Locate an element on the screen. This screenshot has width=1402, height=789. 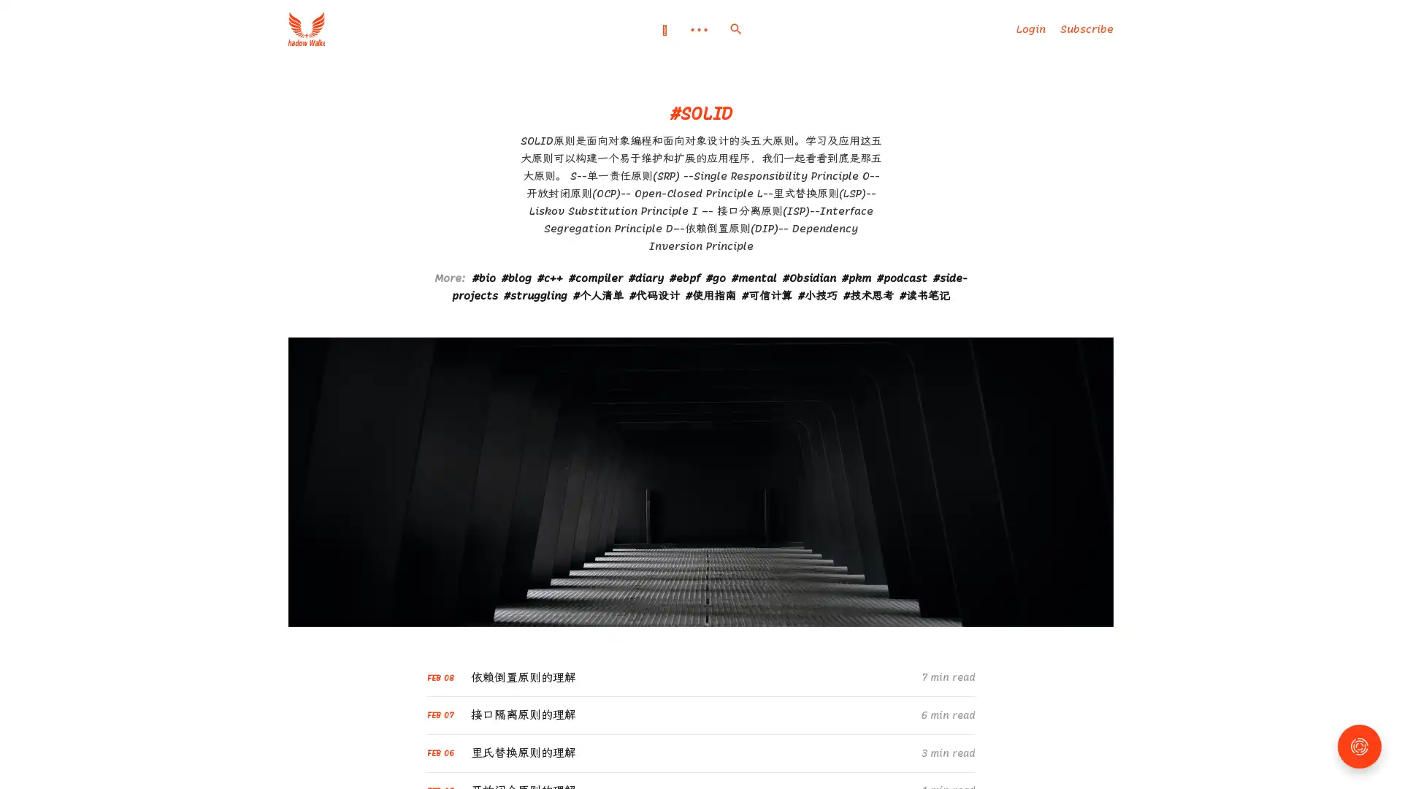
Subscribe is located at coordinates (1087, 28).